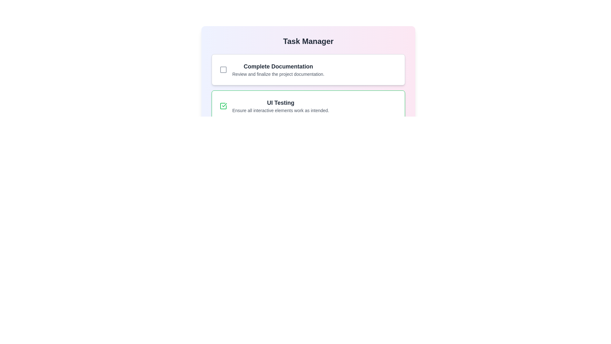 This screenshot has width=611, height=344. What do you see at coordinates (280, 105) in the screenshot?
I see `information presented in the text block titled 'UI Testing' which includes a description stating 'Ensure all interactive elements work as intended.'` at bounding box center [280, 105].